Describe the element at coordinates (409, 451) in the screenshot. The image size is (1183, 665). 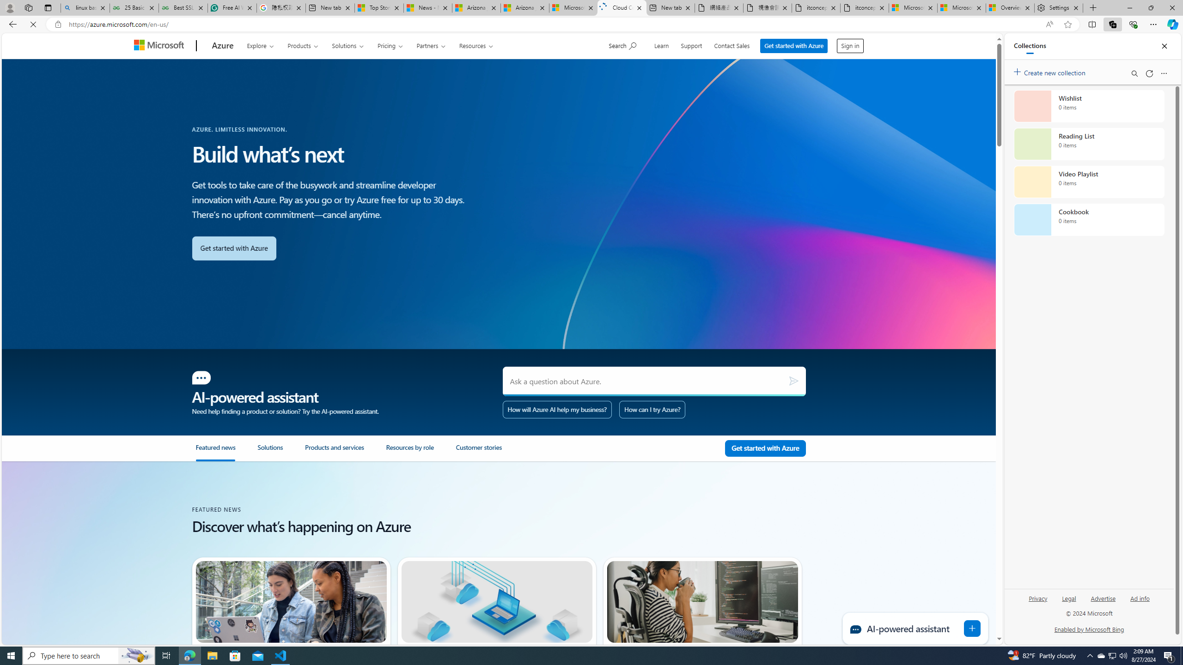
I see `'Resources by role'` at that location.